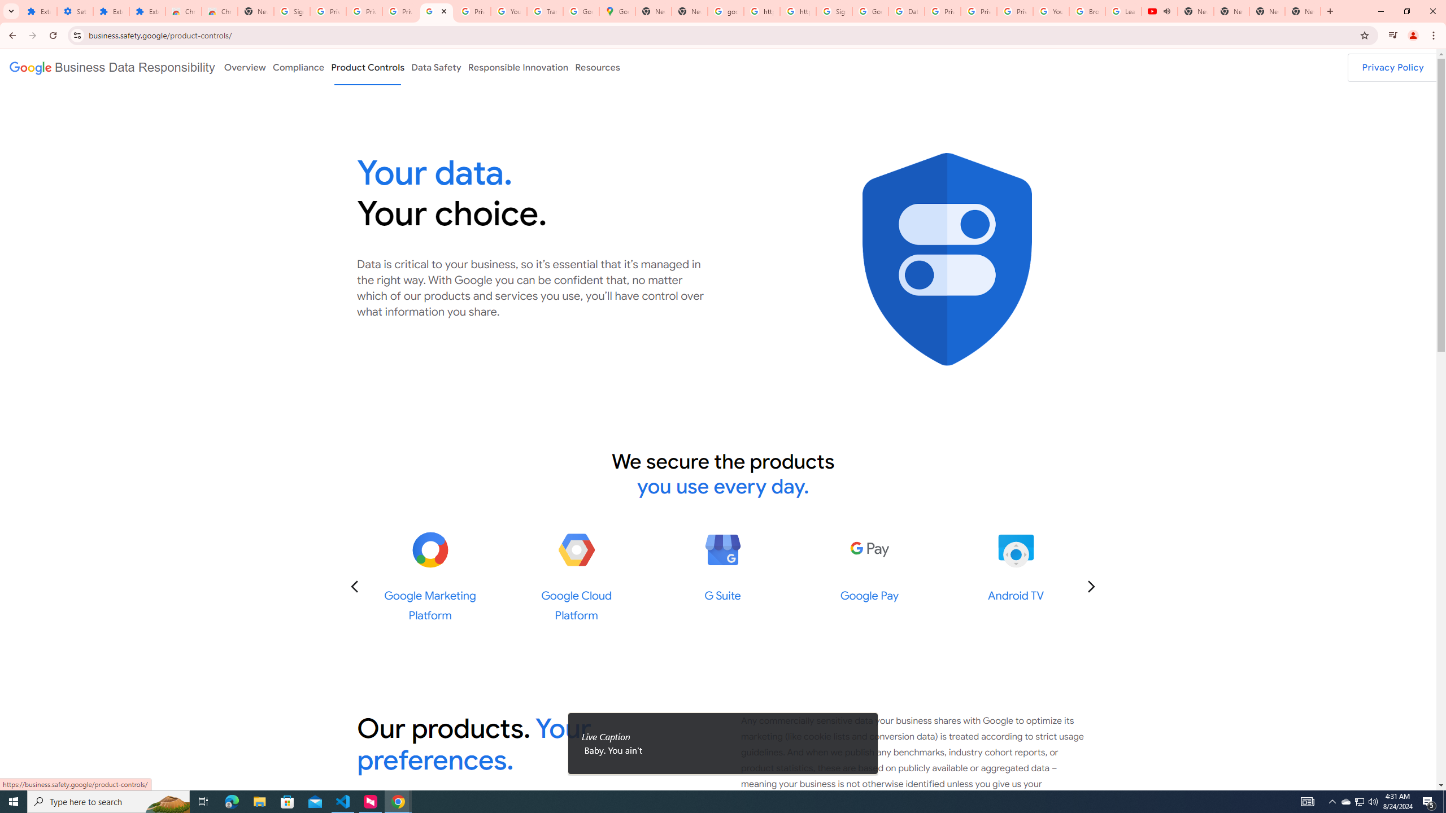  What do you see at coordinates (435, 67) in the screenshot?
I see `'Data Safety'` at bounding box center [435, 67].